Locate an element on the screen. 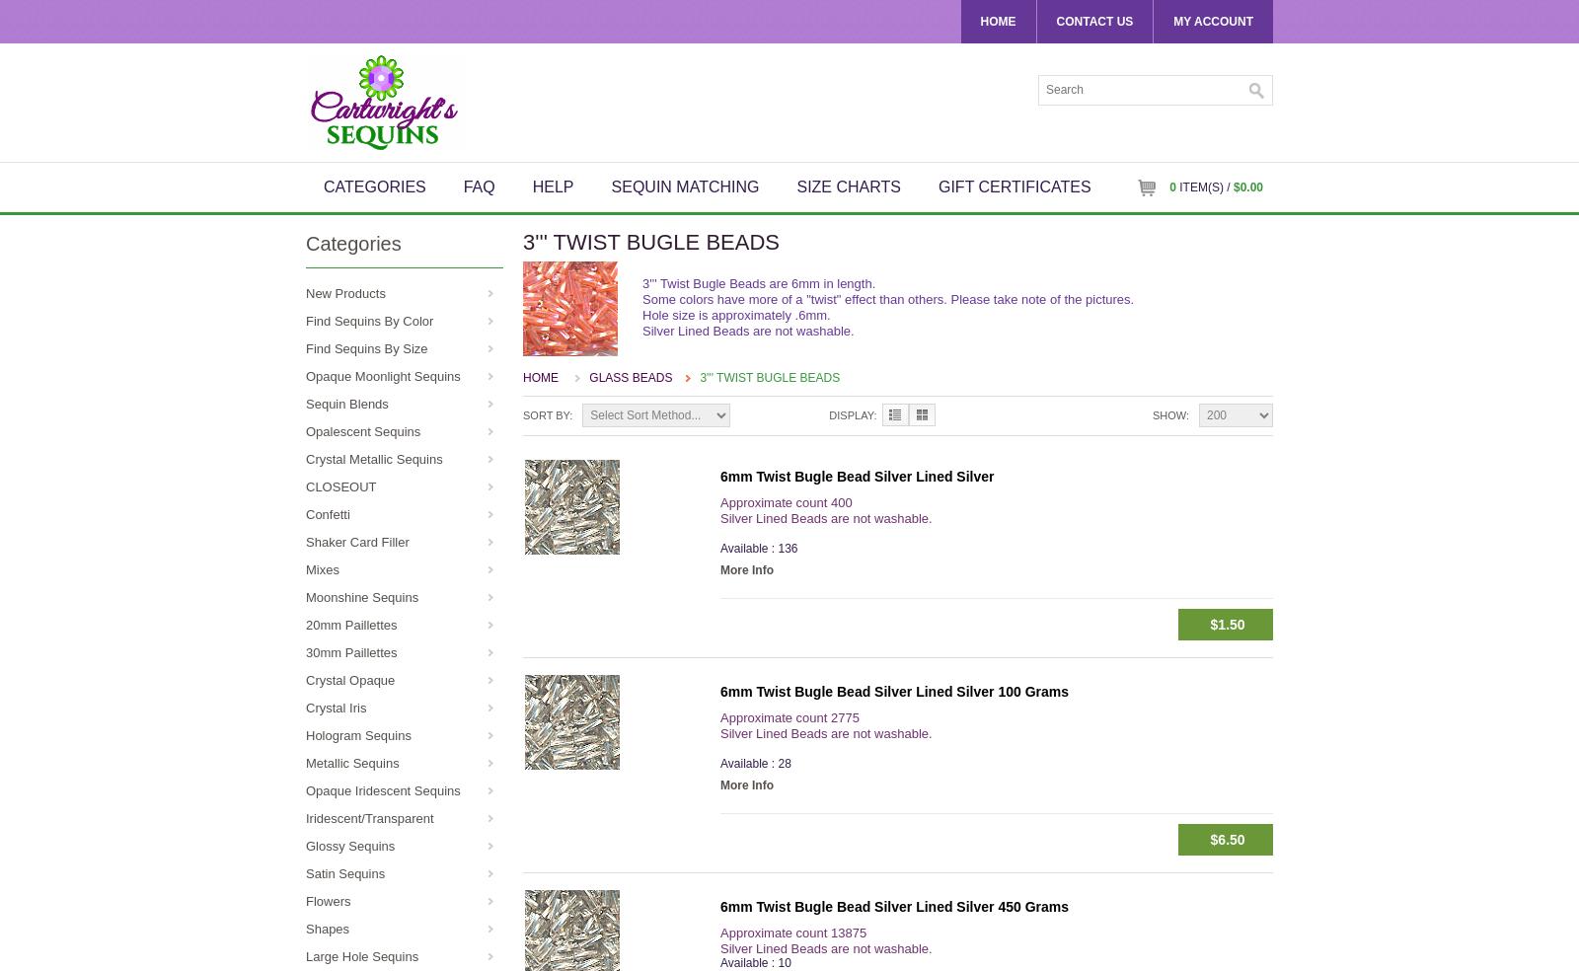 This screenshot has width=1579, height=971. 'Glossy Sequins' is located at coordinates (350, 845).